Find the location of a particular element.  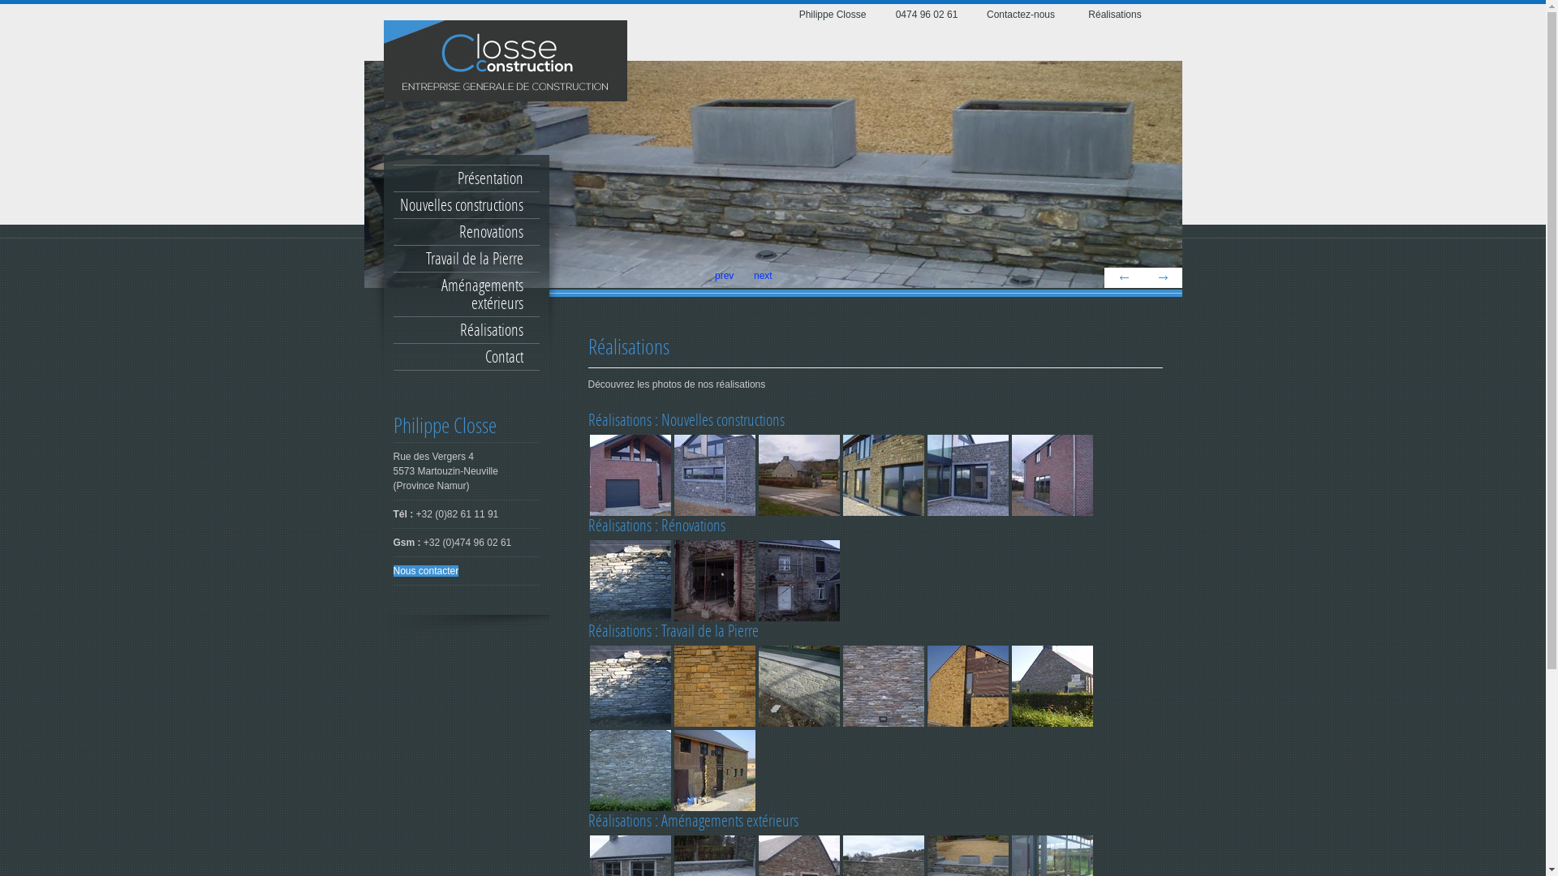

'OLYMPUS DIGITAL CAMERA         ' is located at coordinates (1052, 685).